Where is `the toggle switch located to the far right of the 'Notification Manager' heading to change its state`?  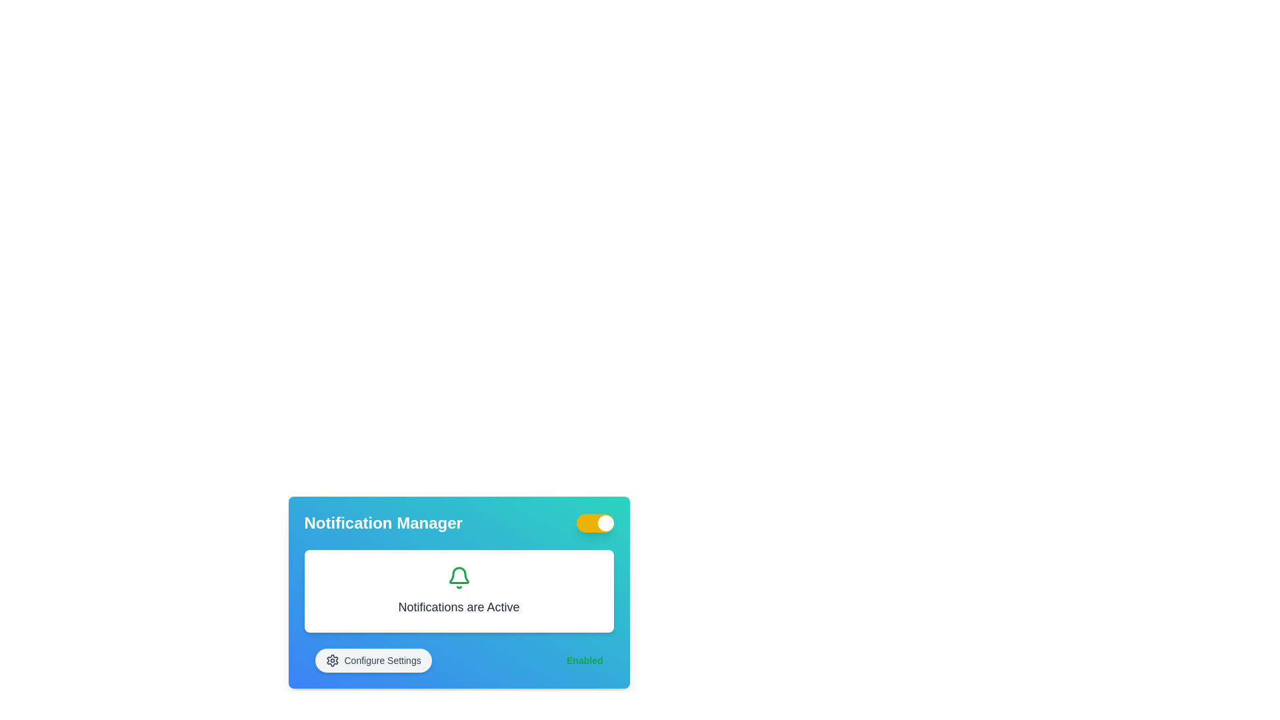 the toggle switch located to the far right of the 'Notification Manager' heading to change its state is located at coordinates (594, 523).